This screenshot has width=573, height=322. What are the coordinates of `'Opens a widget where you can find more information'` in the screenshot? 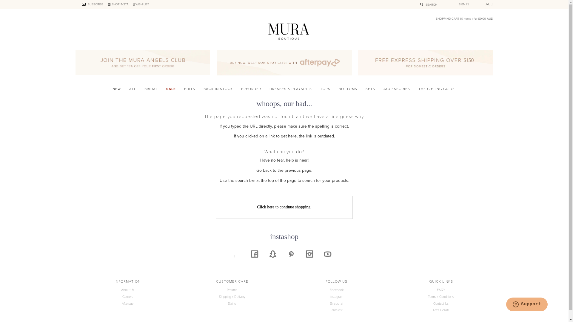 It's located at (527, 305).